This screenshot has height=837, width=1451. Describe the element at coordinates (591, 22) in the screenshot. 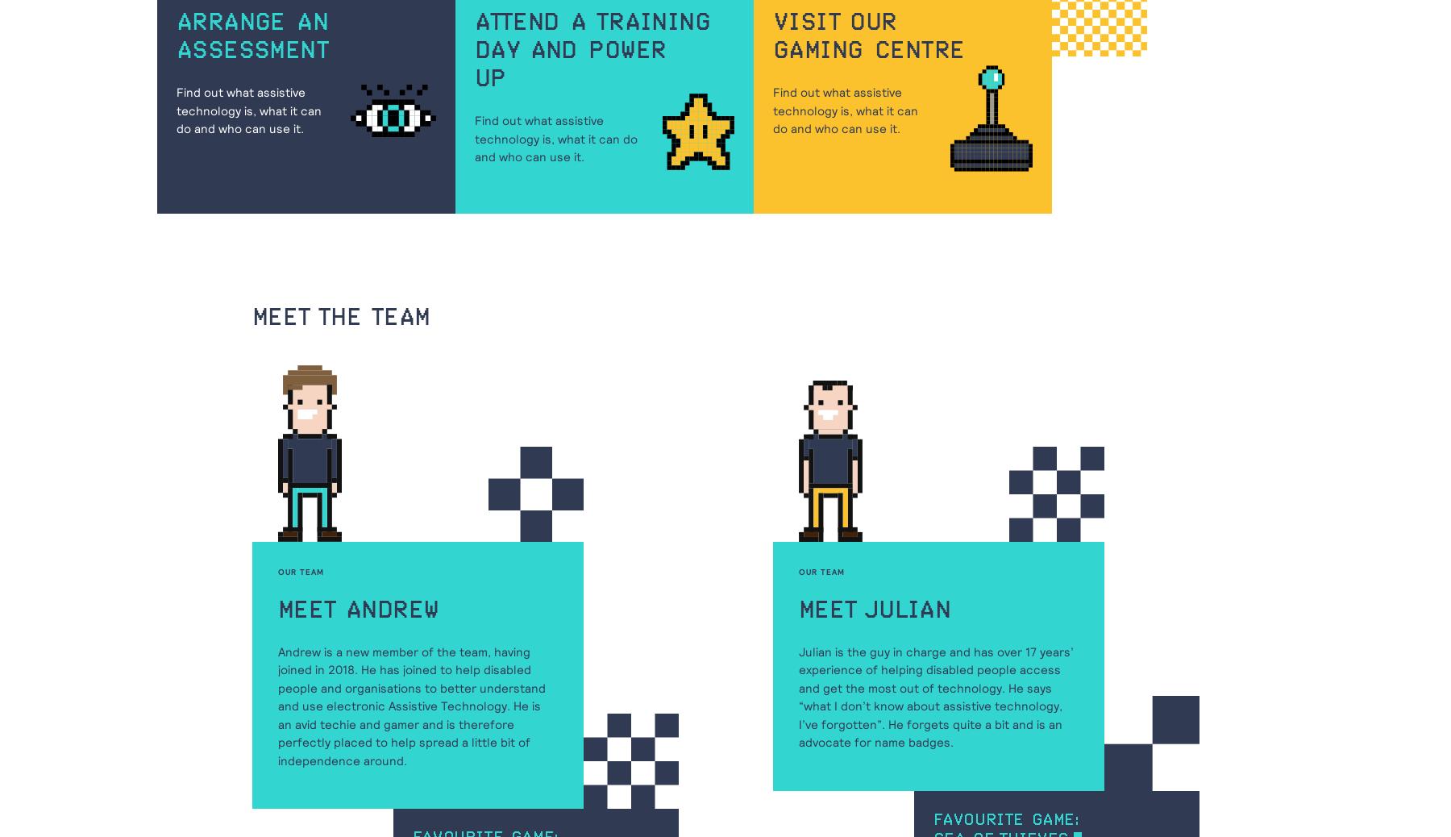

I see `'Attend a training'` at that location.